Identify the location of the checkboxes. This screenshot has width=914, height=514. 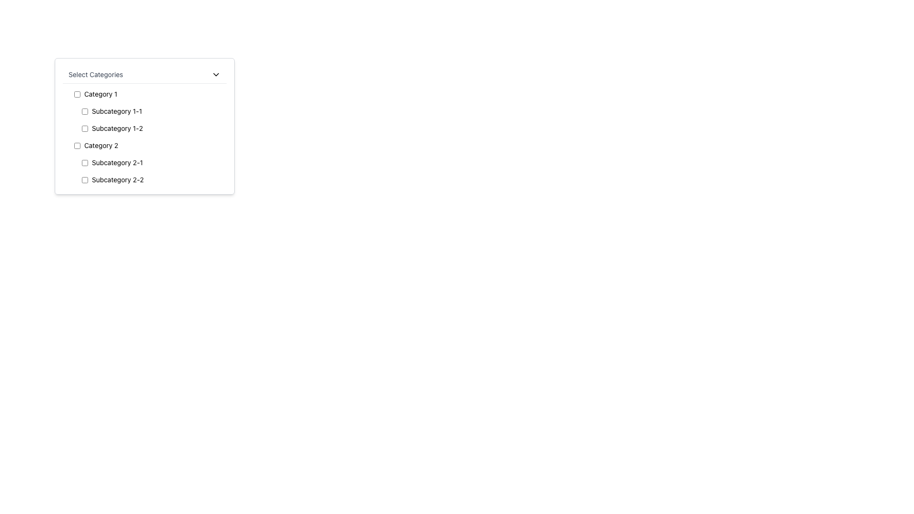
(148, 170).